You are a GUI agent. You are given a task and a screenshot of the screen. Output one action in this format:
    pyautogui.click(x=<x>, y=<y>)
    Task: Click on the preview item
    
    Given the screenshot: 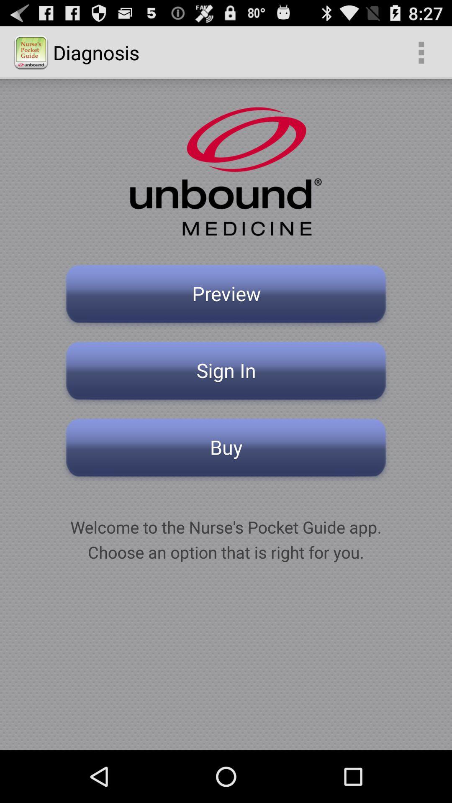 What is the action you would take?
    pyautogui.click(x=226, y=296)
    